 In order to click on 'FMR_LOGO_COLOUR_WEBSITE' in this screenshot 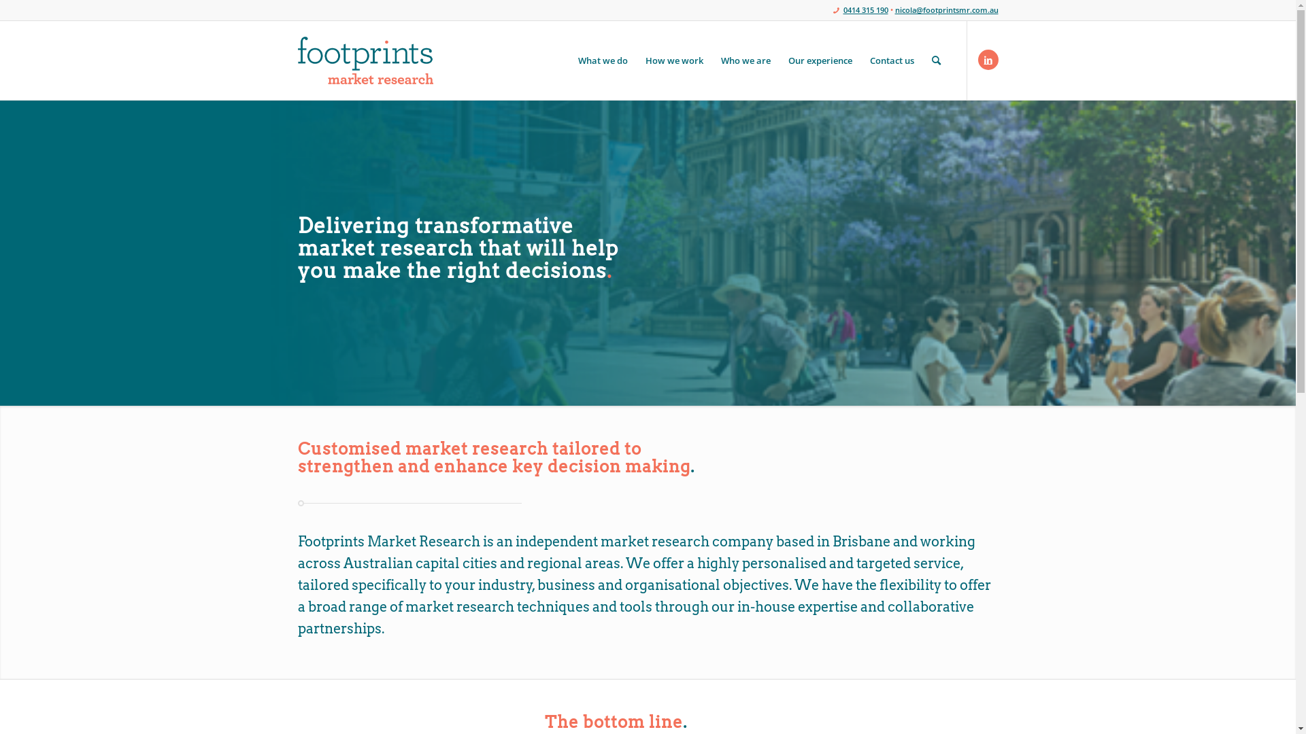, I will do `click(297, 59)`.